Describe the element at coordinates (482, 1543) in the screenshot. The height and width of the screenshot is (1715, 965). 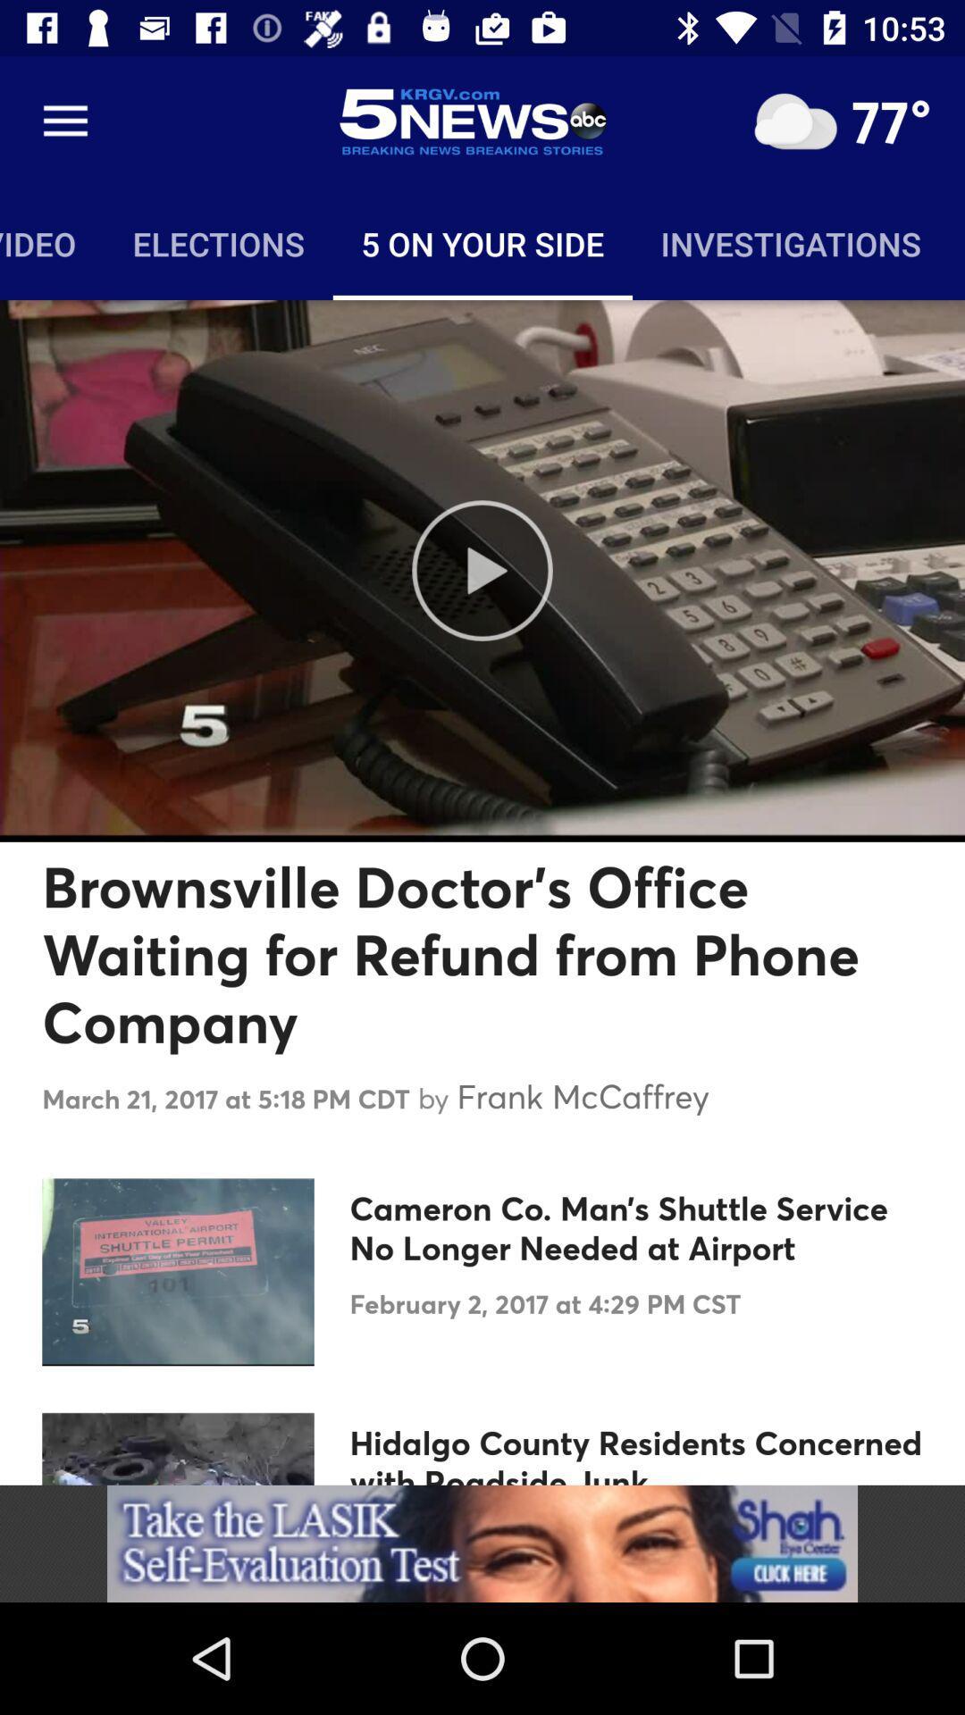
I see `advertisement link` at that location.